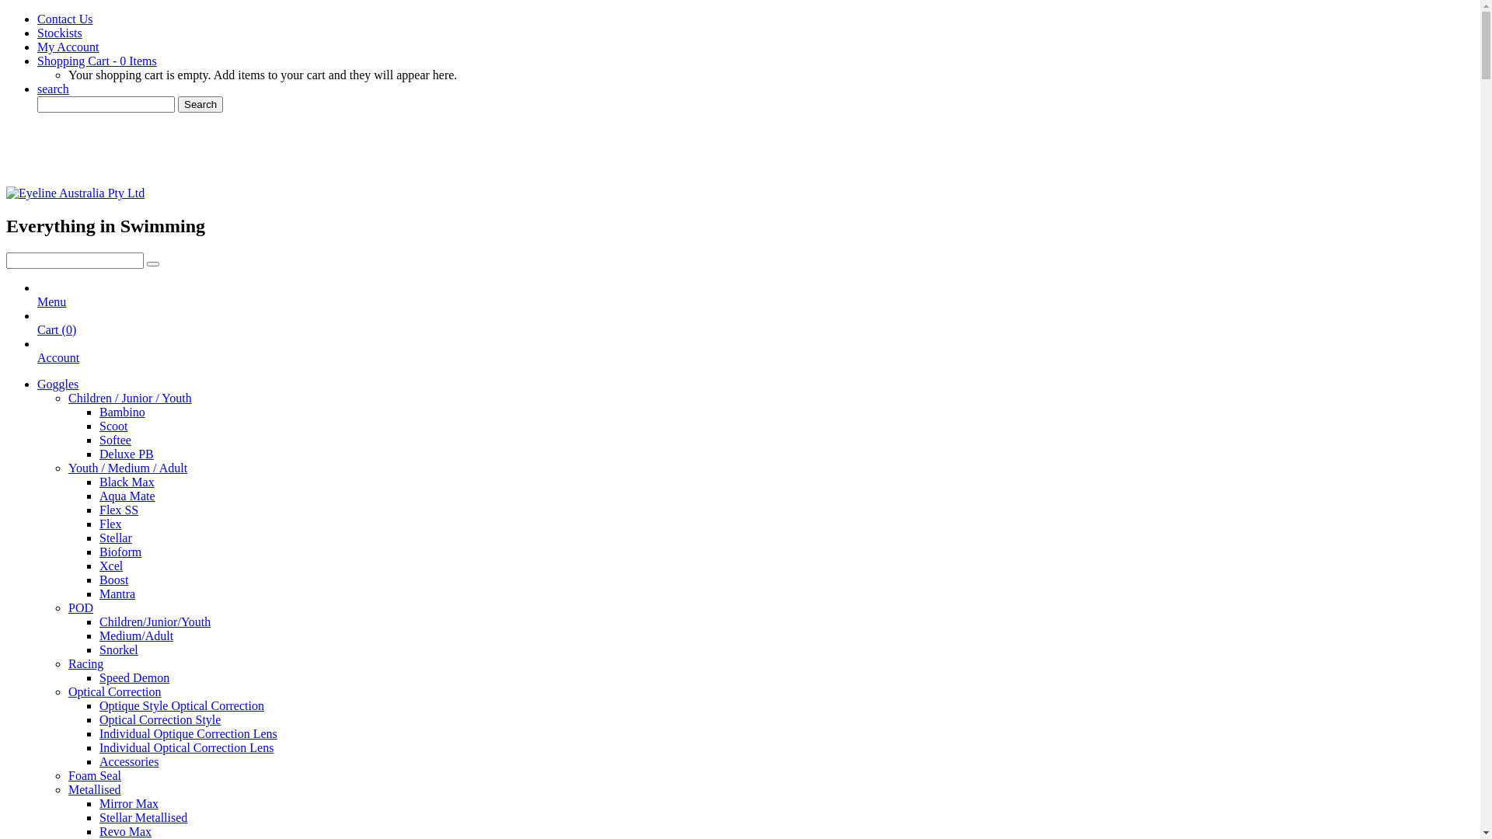 The width and height of the screenshot is (1492, 839). What do you see at coordinates (67, 607) in the screenshot?
I see `'POD'` at bounding box center [67, 607].